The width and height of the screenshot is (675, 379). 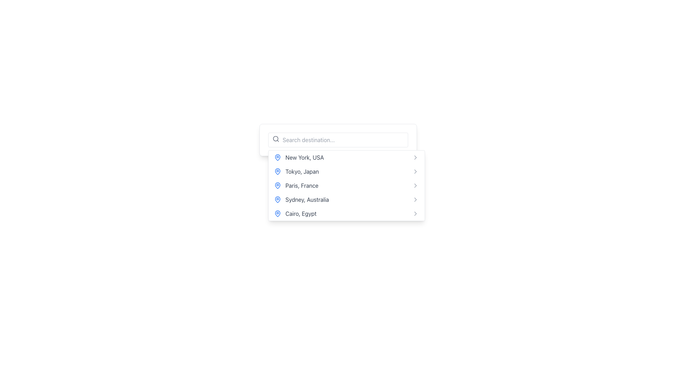 I want to click on the text label 'Paris, France' which is the third entry in the dropdown menu list, so click(x=302, y=185).